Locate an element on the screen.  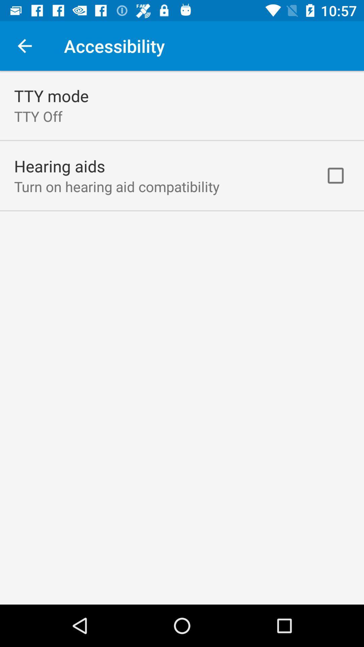
the icon above turn on hearing is located at coordinates (59, 166).